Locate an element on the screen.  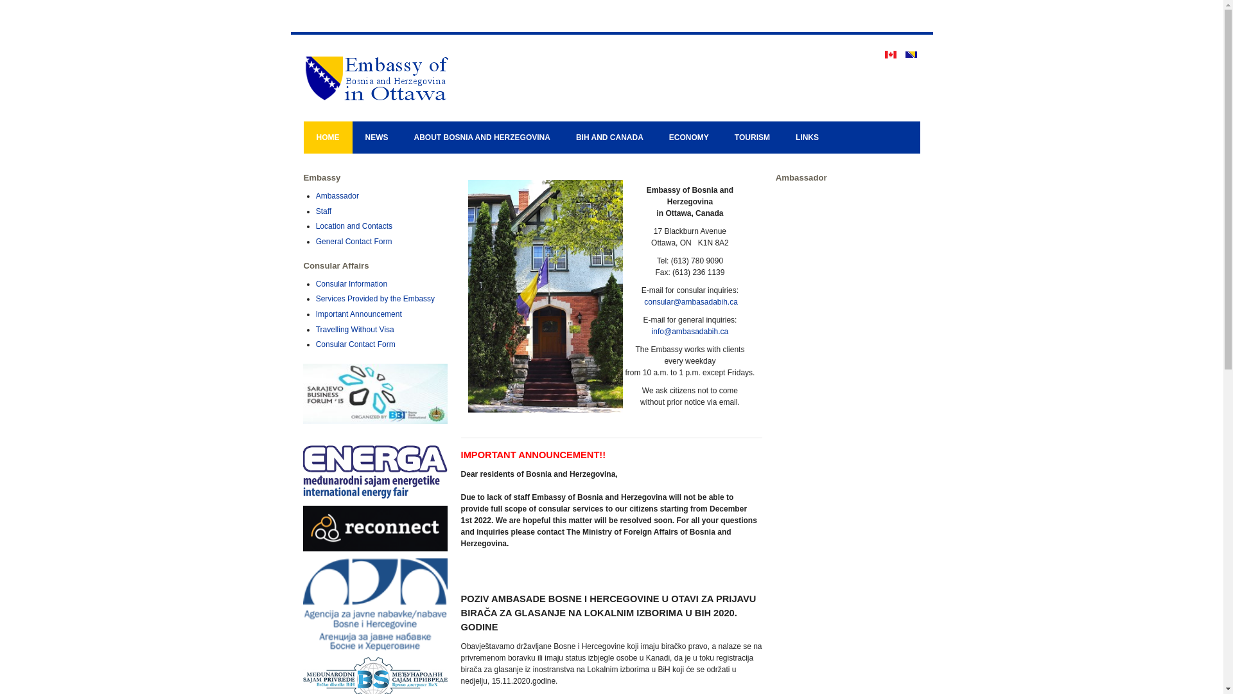
'Location and Contacts' is located at coordinates (354, 225).